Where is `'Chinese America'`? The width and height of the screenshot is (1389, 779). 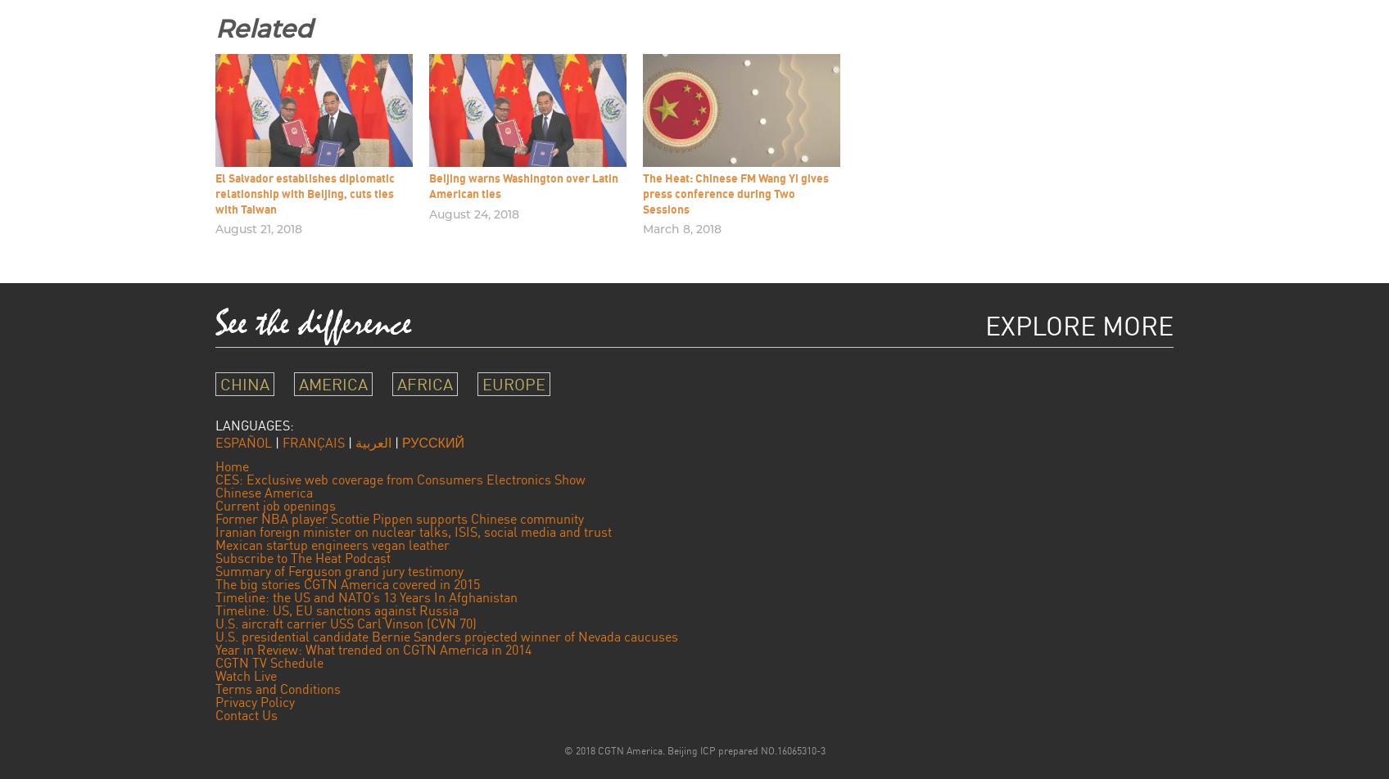
'Chinese America' is located at coordinates (264, 491).